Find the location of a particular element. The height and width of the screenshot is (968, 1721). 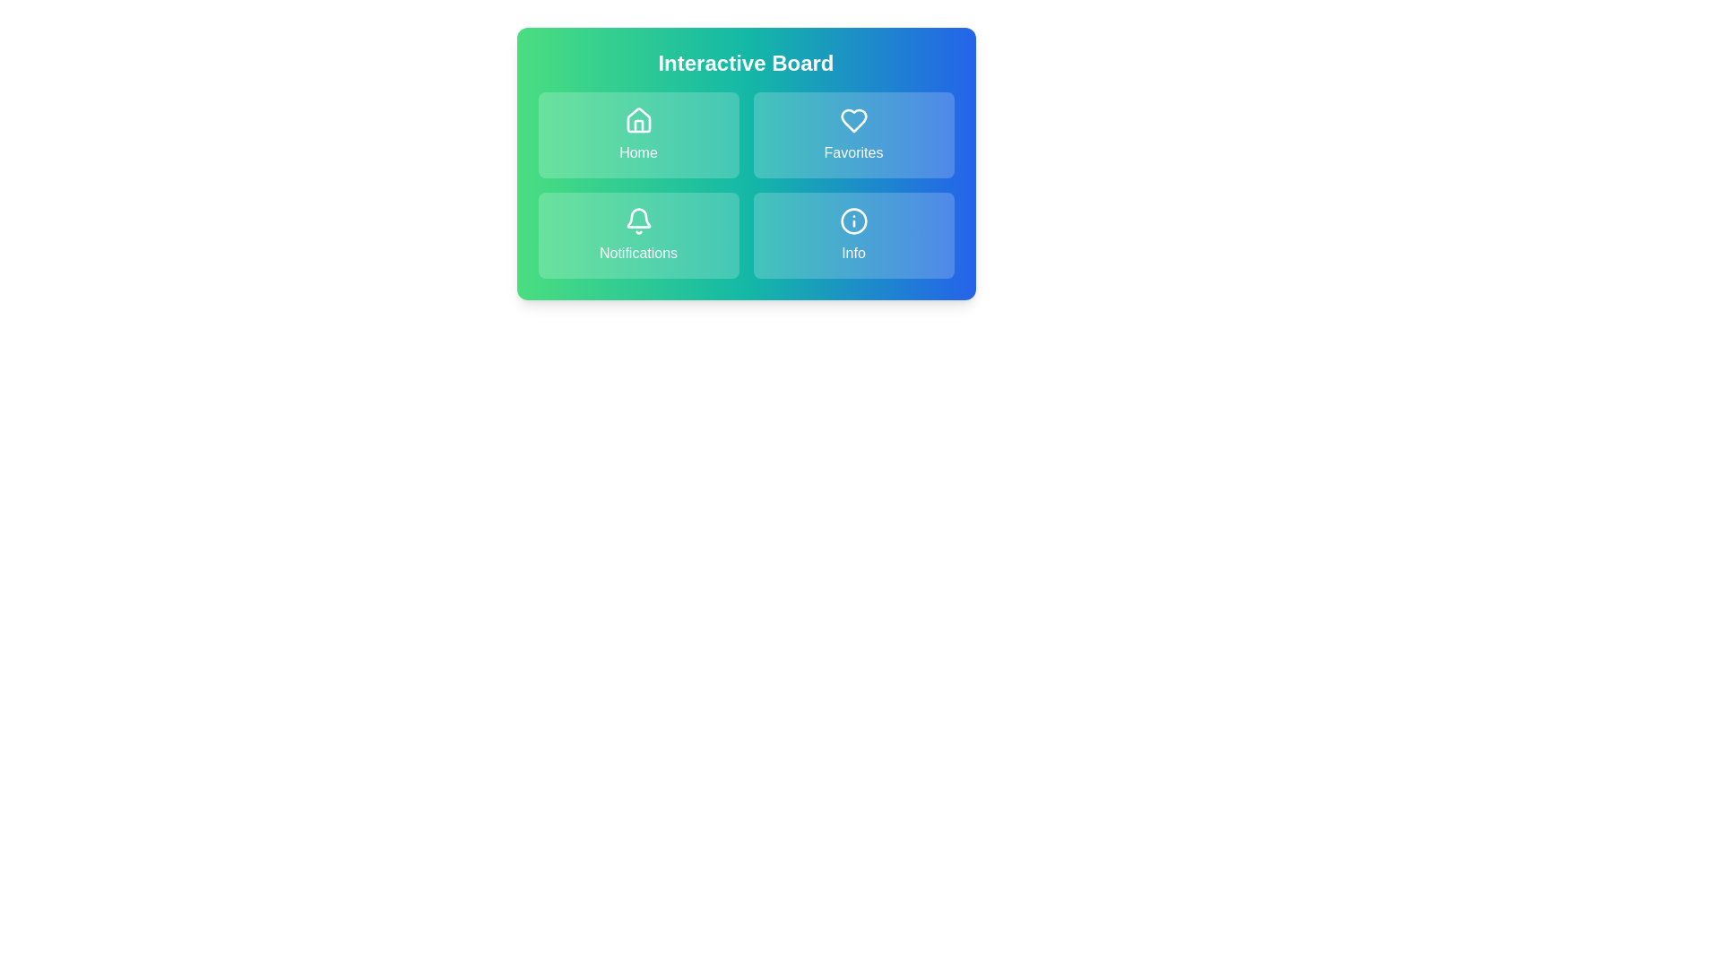

the house icon located in the top-left button of the two-by-two grid beneath the title 'Interactive Board', which is part of the 'Home' block is located at coordinates (638, 121).